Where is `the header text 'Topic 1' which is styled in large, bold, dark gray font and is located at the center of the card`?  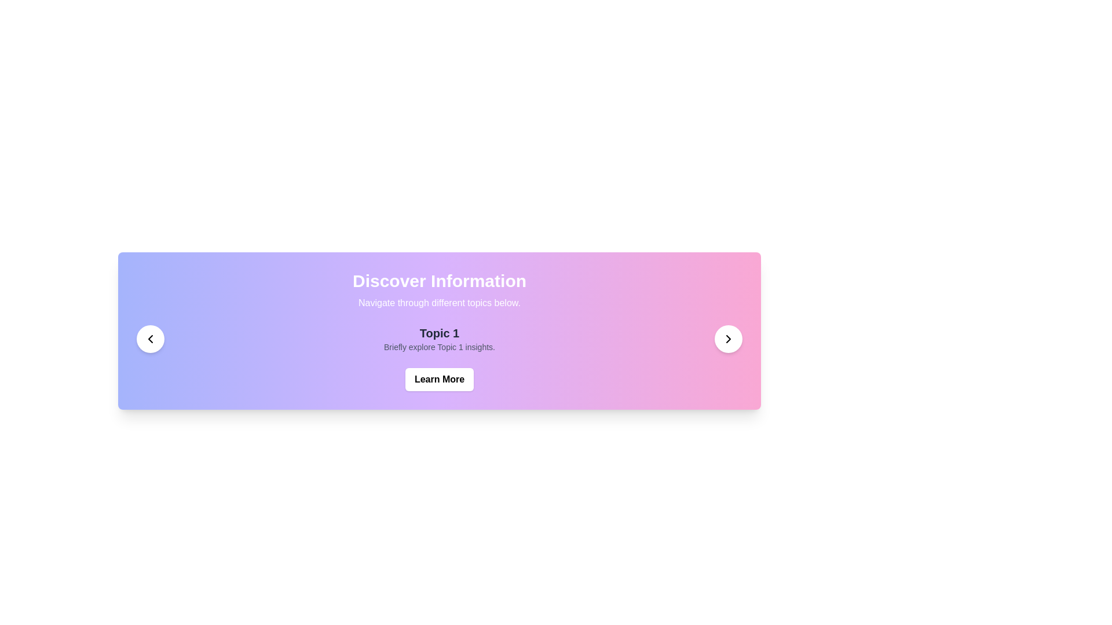
the header text 'Topic 1' which is styled in large, bold, dark gray font and is located at the center of the card is located at coordinates (438, 333).